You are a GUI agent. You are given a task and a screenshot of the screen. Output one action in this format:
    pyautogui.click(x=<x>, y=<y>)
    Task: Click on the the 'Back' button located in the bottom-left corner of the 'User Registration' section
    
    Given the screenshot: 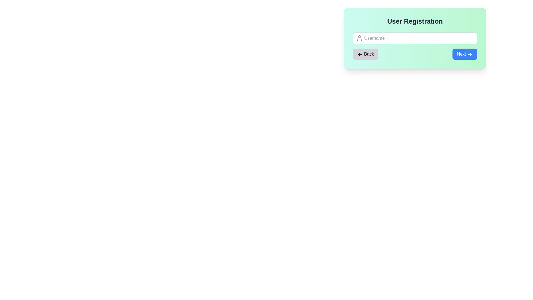 What is the action you would take?
    pyautogui.click(x=365, y=54)
    